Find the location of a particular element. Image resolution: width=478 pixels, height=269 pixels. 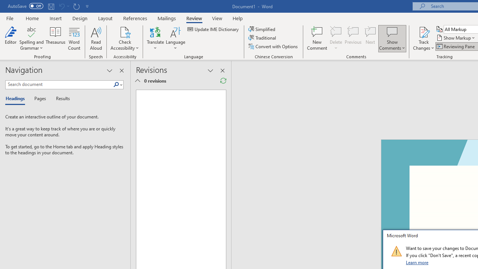

'Can' is located at coordinates (61, 6).